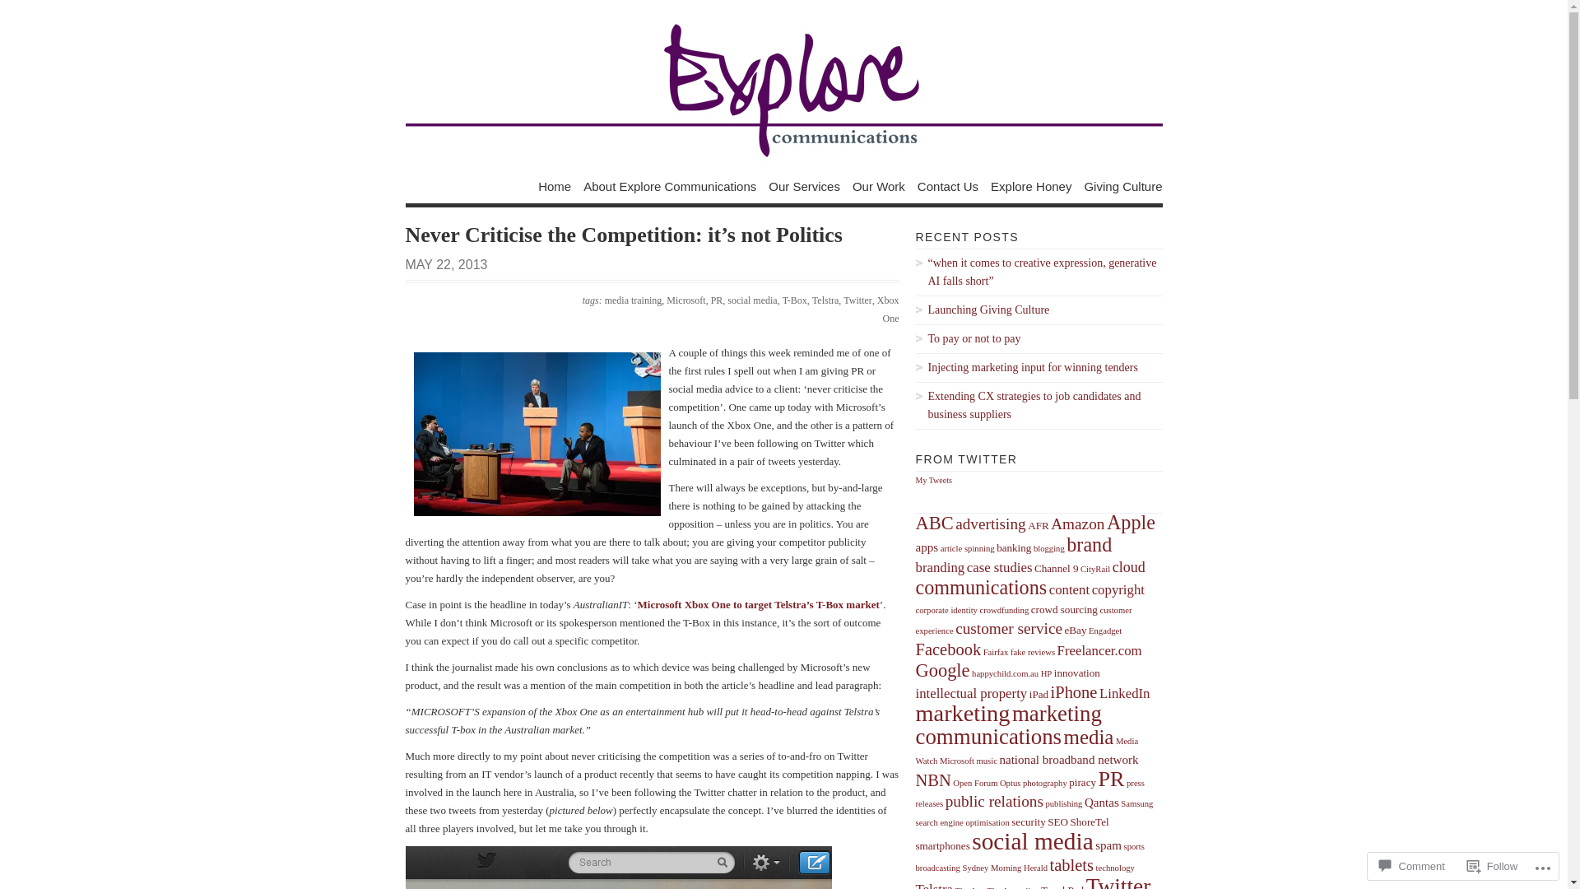 The height and width of the screenshot is (889, 1580). What do you see at coordinates (1009, 782) in the screenshot?
I see `'Optus'` at bounding box center [1009, 782].